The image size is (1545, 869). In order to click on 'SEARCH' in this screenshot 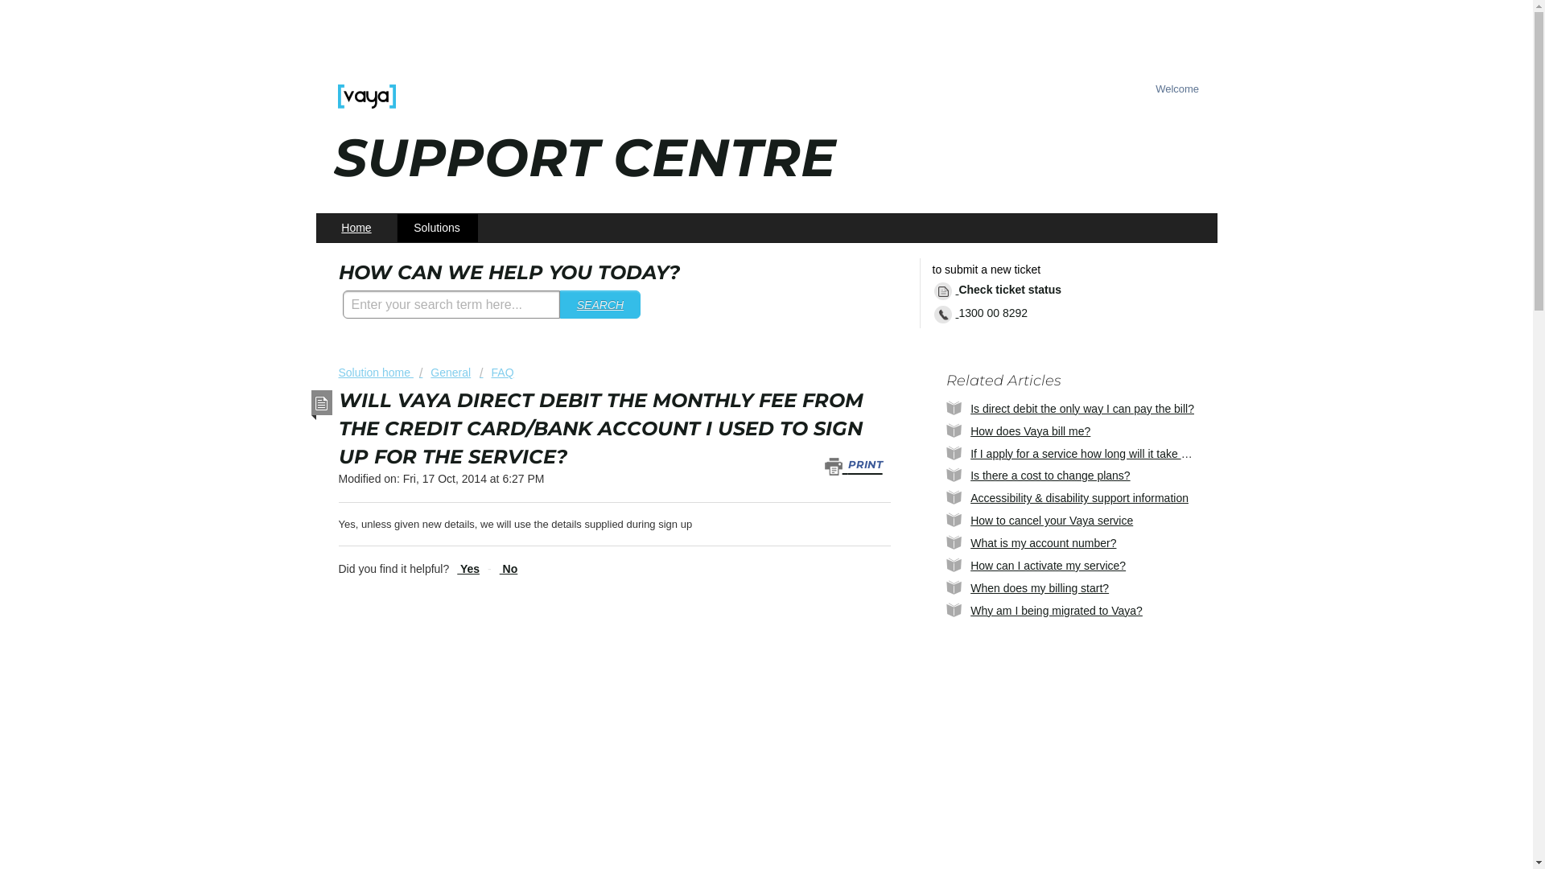, I will do `click(599, 304)`.